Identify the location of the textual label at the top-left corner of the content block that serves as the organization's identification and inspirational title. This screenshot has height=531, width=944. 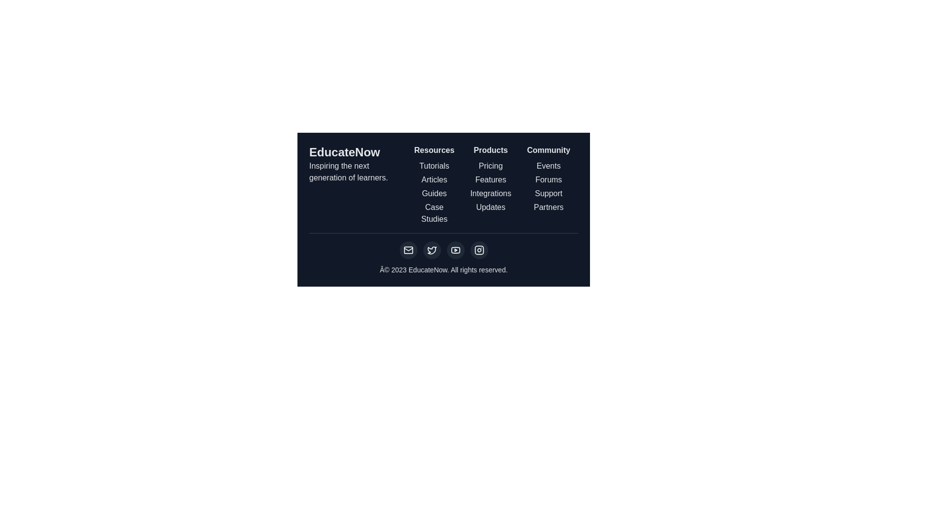
(357, 180).